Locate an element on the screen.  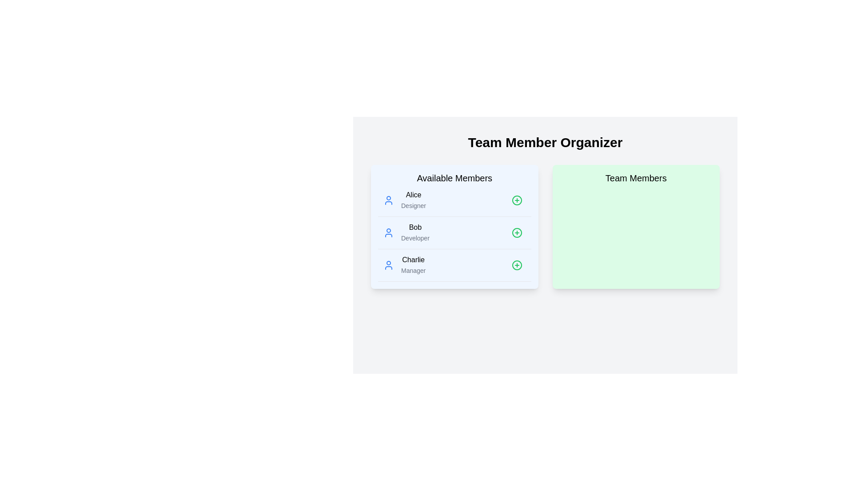
the Text Block displaying 'Alice' and 'Designer' in the 'Available Members' section is located at coordinates (413, 200).